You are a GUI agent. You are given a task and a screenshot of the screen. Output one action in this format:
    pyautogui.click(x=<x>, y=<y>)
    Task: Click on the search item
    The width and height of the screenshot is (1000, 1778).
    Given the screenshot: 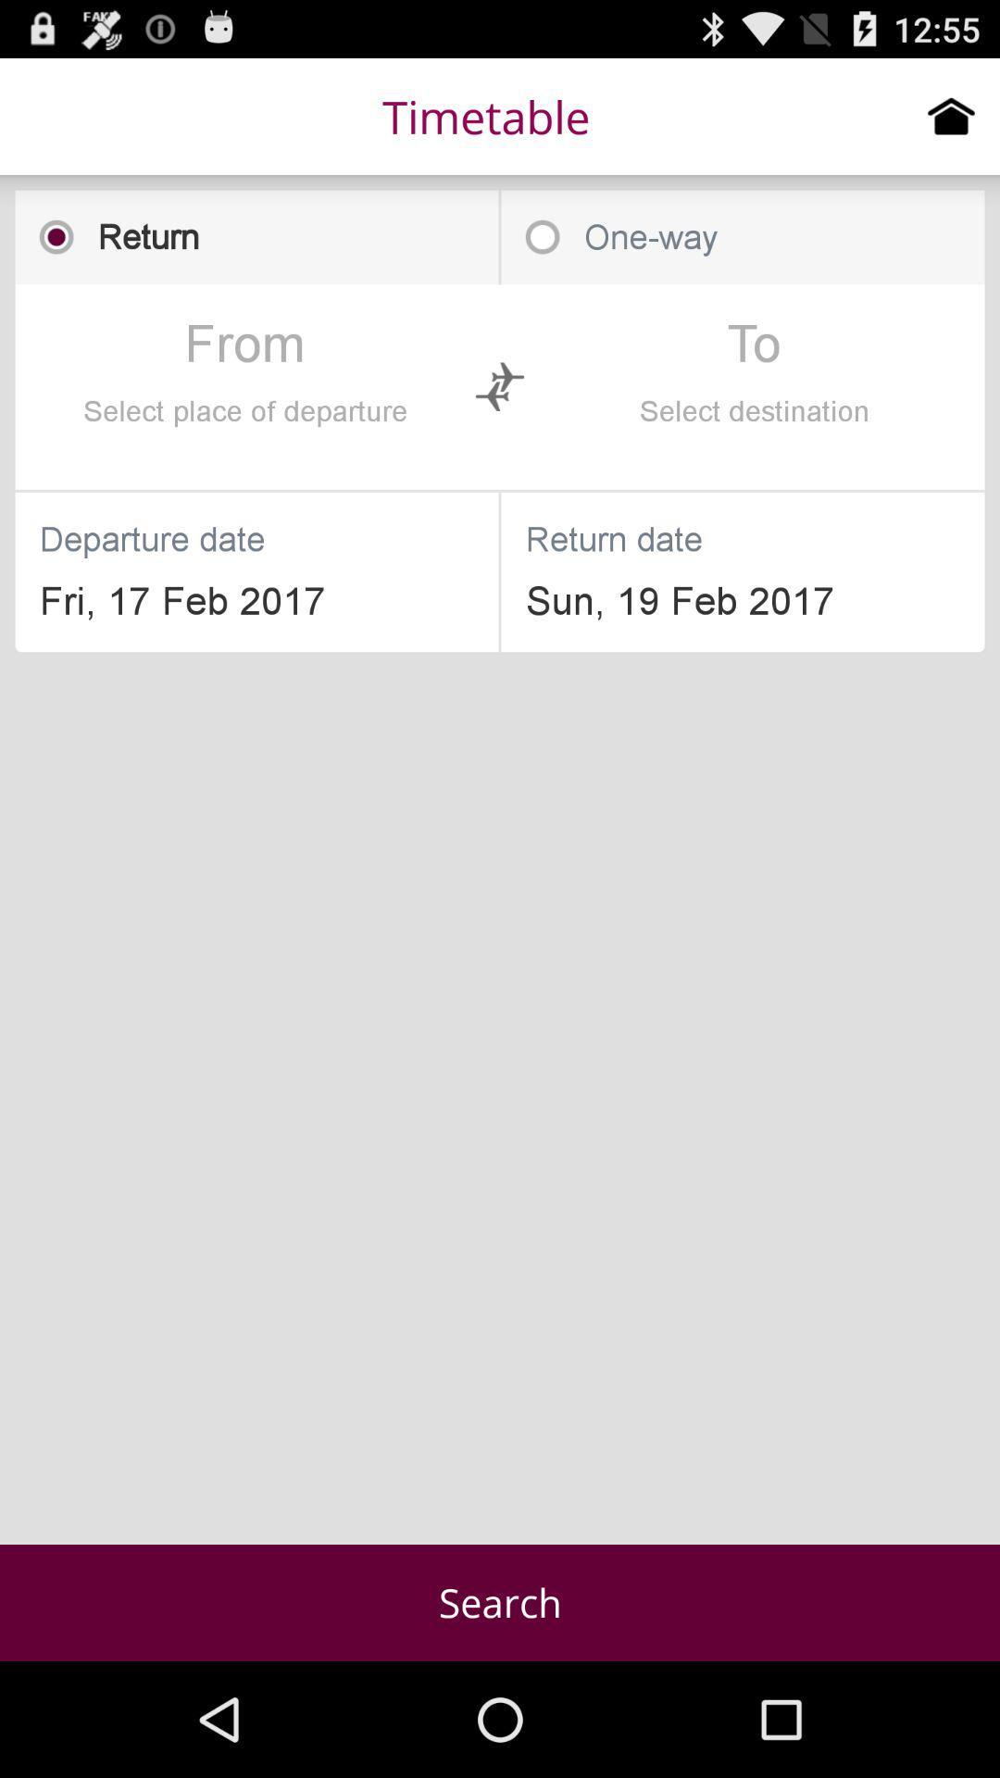 What is the action you would take?
    pyautogui.click(x=500, y=1602)
    